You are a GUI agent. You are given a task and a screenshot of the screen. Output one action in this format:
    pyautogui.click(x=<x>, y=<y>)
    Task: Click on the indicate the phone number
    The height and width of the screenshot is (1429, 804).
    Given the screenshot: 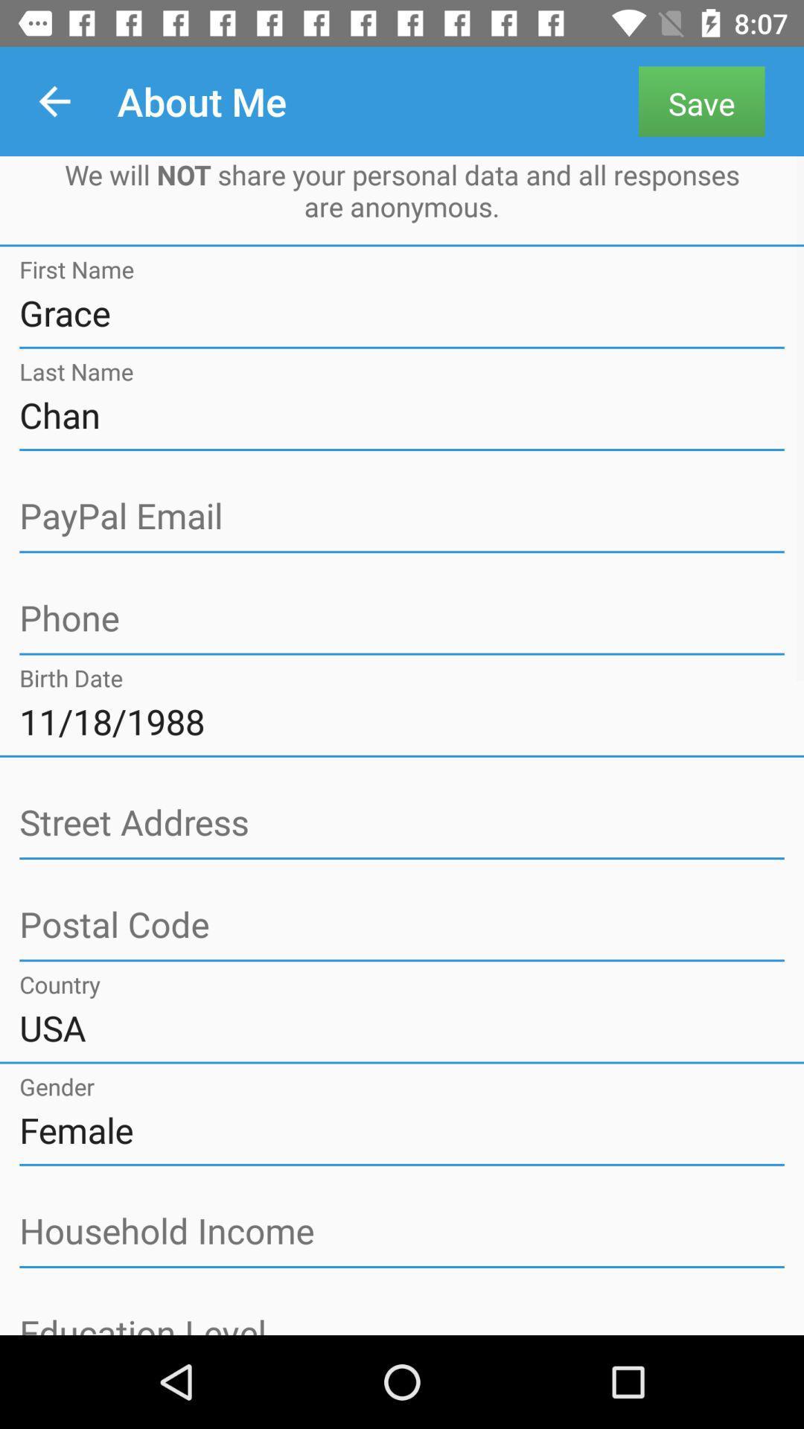 What is the action you would take?
    pyautogui.click(x=402, y=619)
    